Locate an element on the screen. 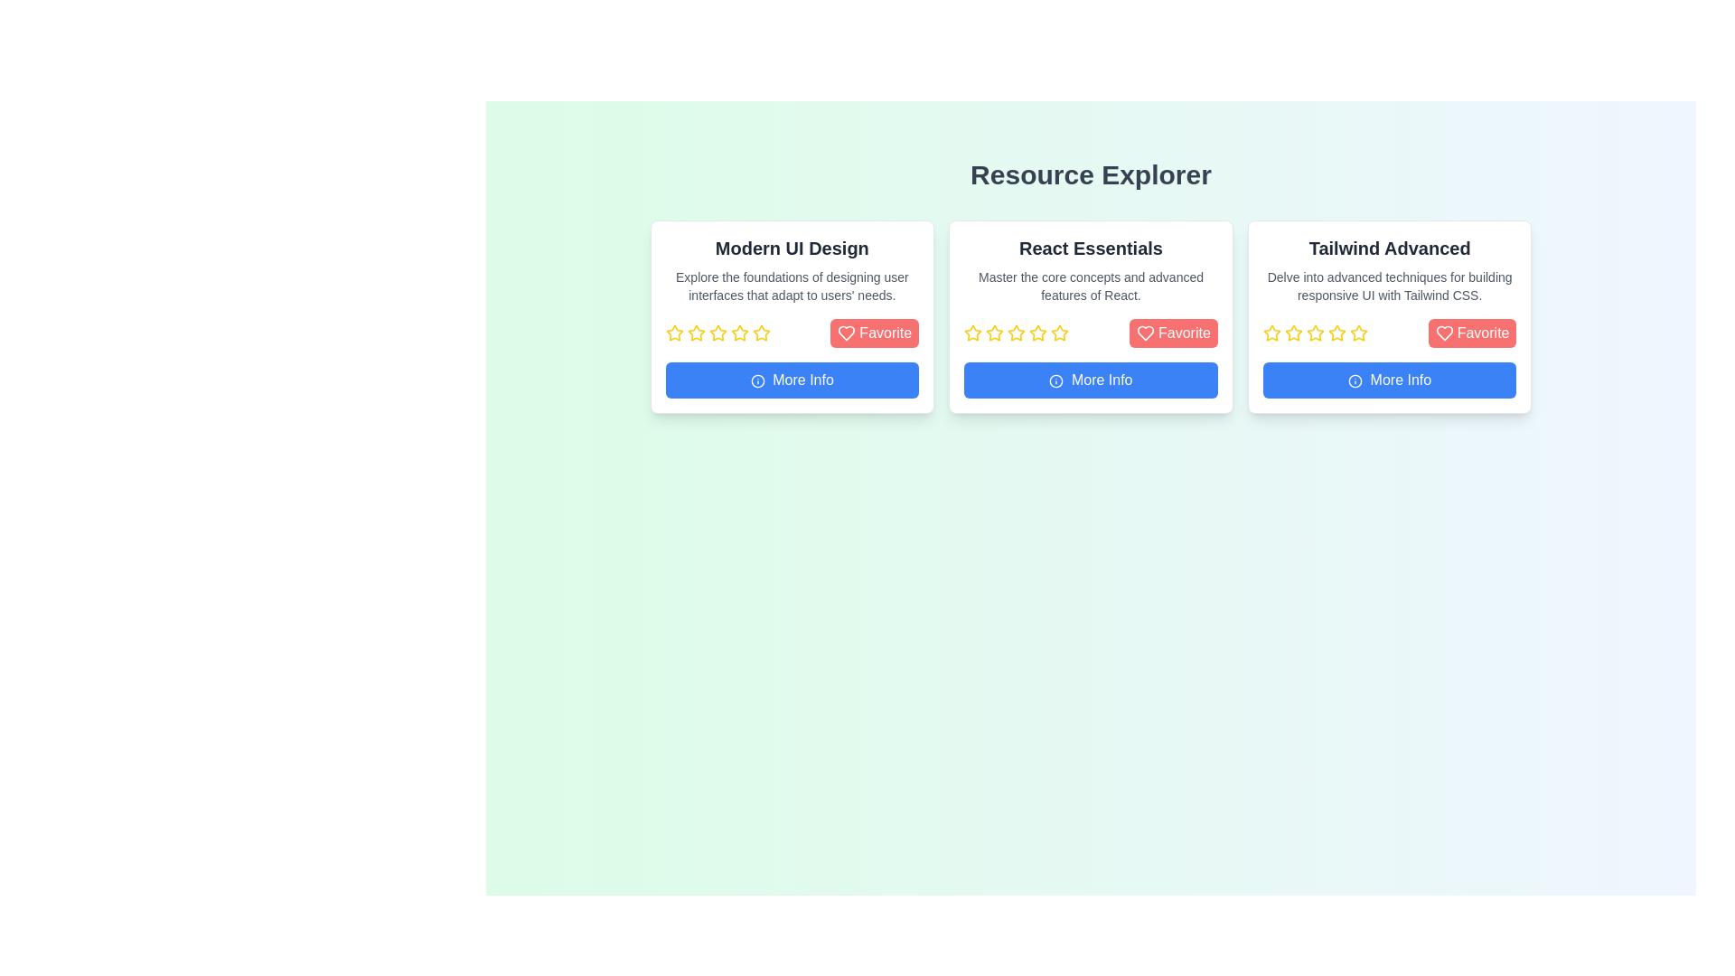 This screenshot has height=976, width=1735. the button located at the bottom of the 'Tailwind Advanced' card, below the 'Favorite' button, to change its background color is located at coordinates (1389, 379).